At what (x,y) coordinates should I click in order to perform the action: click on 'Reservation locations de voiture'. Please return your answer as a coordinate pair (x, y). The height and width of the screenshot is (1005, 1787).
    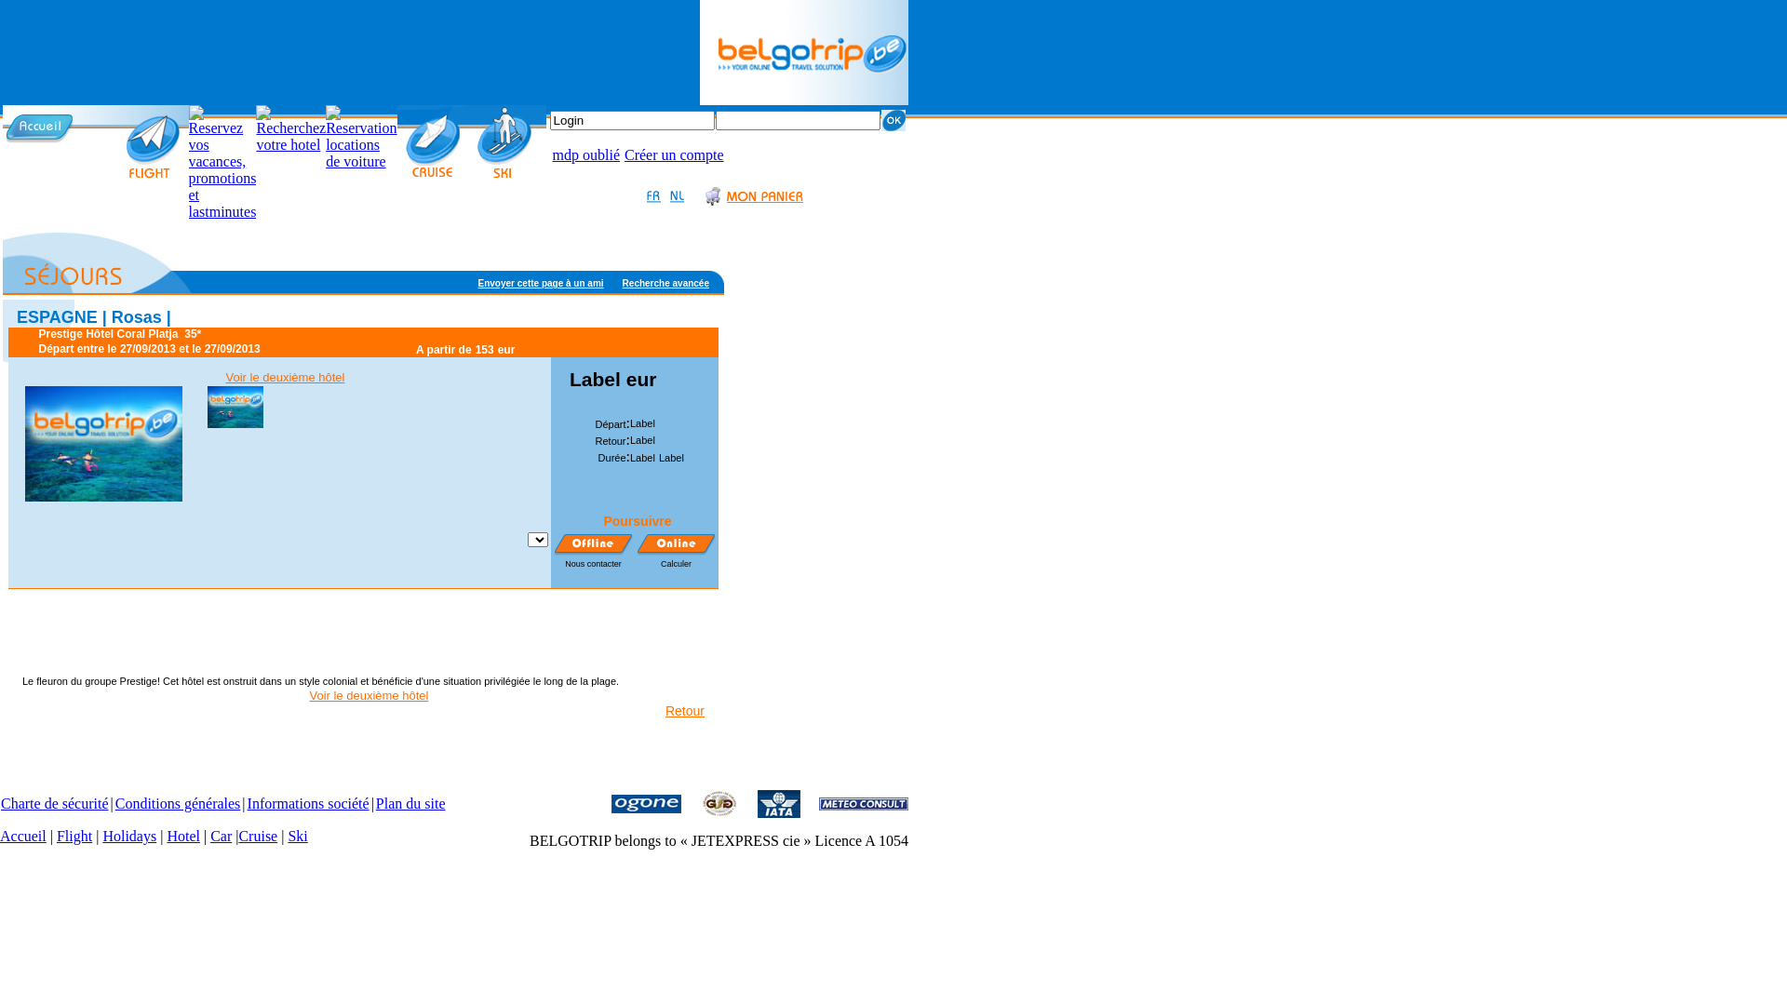
    Looking at the image, I should click on (361, 136).